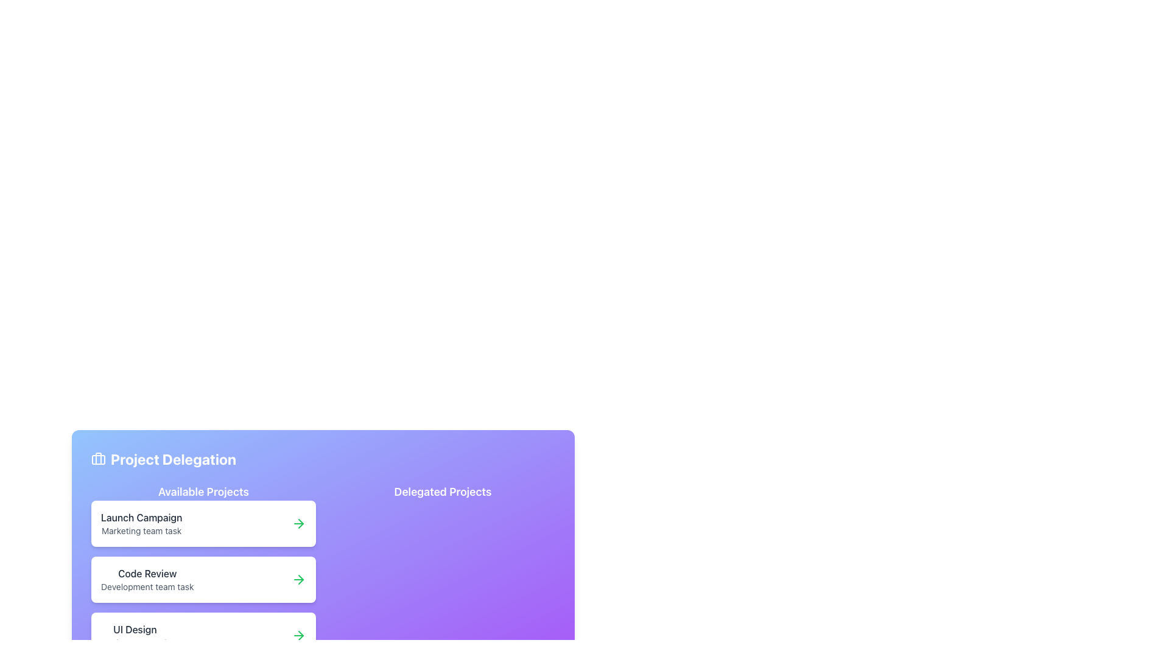 This screenshot has height=657, width=1169. I want to click on keyboard navigation, so click(203, 579).